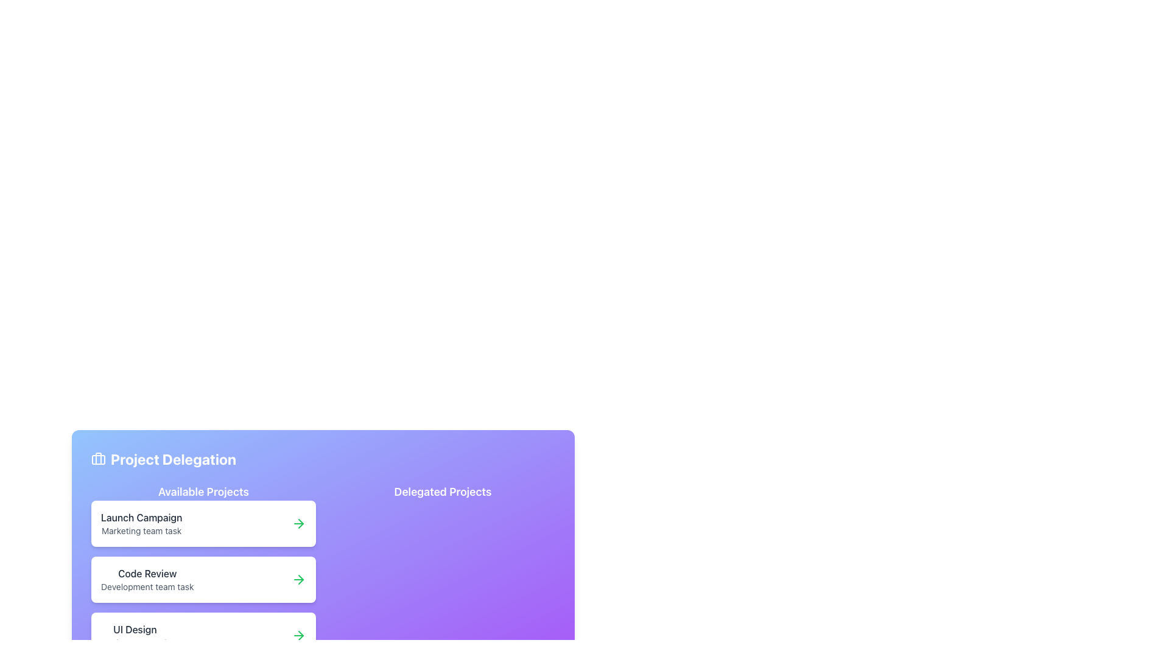 This screenshot has height=657, width=1169. I want to click on keyboard navigation, so click(203, 579).